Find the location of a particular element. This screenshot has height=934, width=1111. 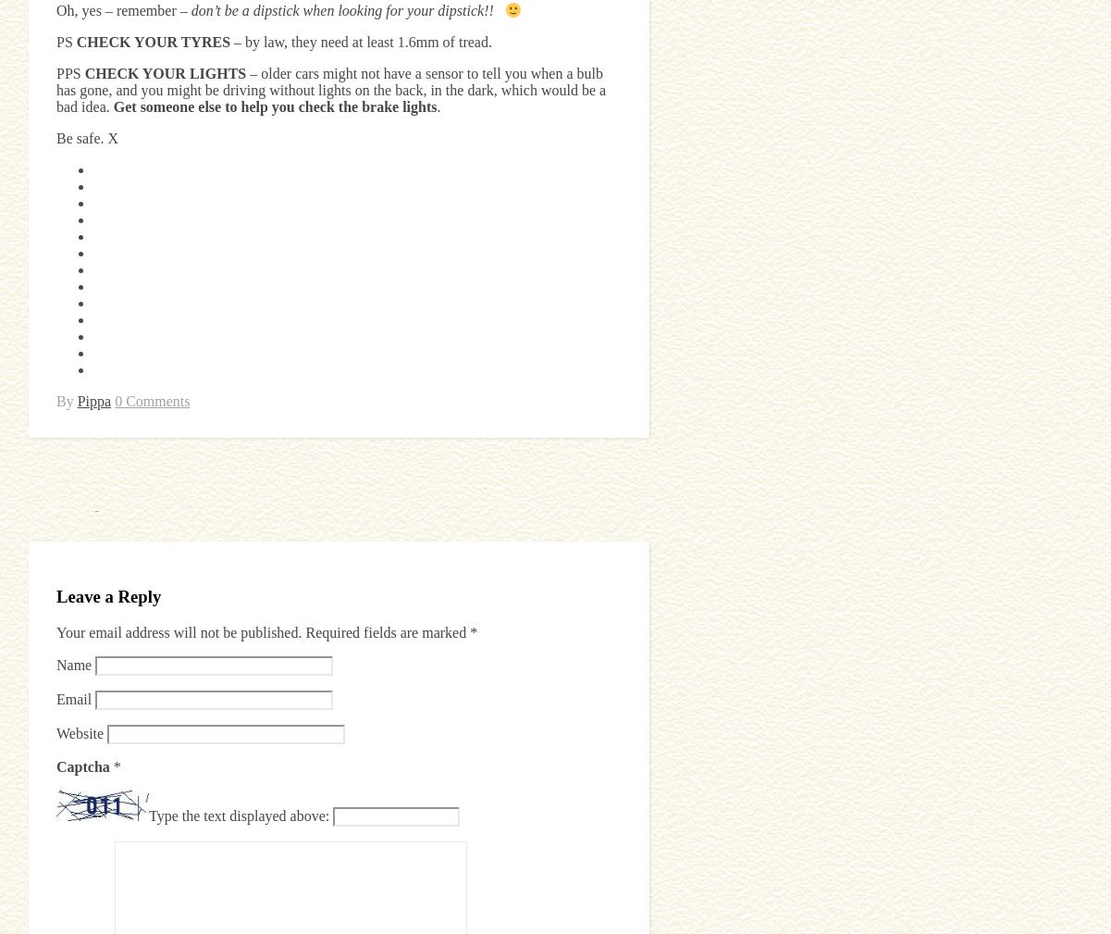

'CHECK YOUR LIGHTS' is located at coordinates (165, 72).